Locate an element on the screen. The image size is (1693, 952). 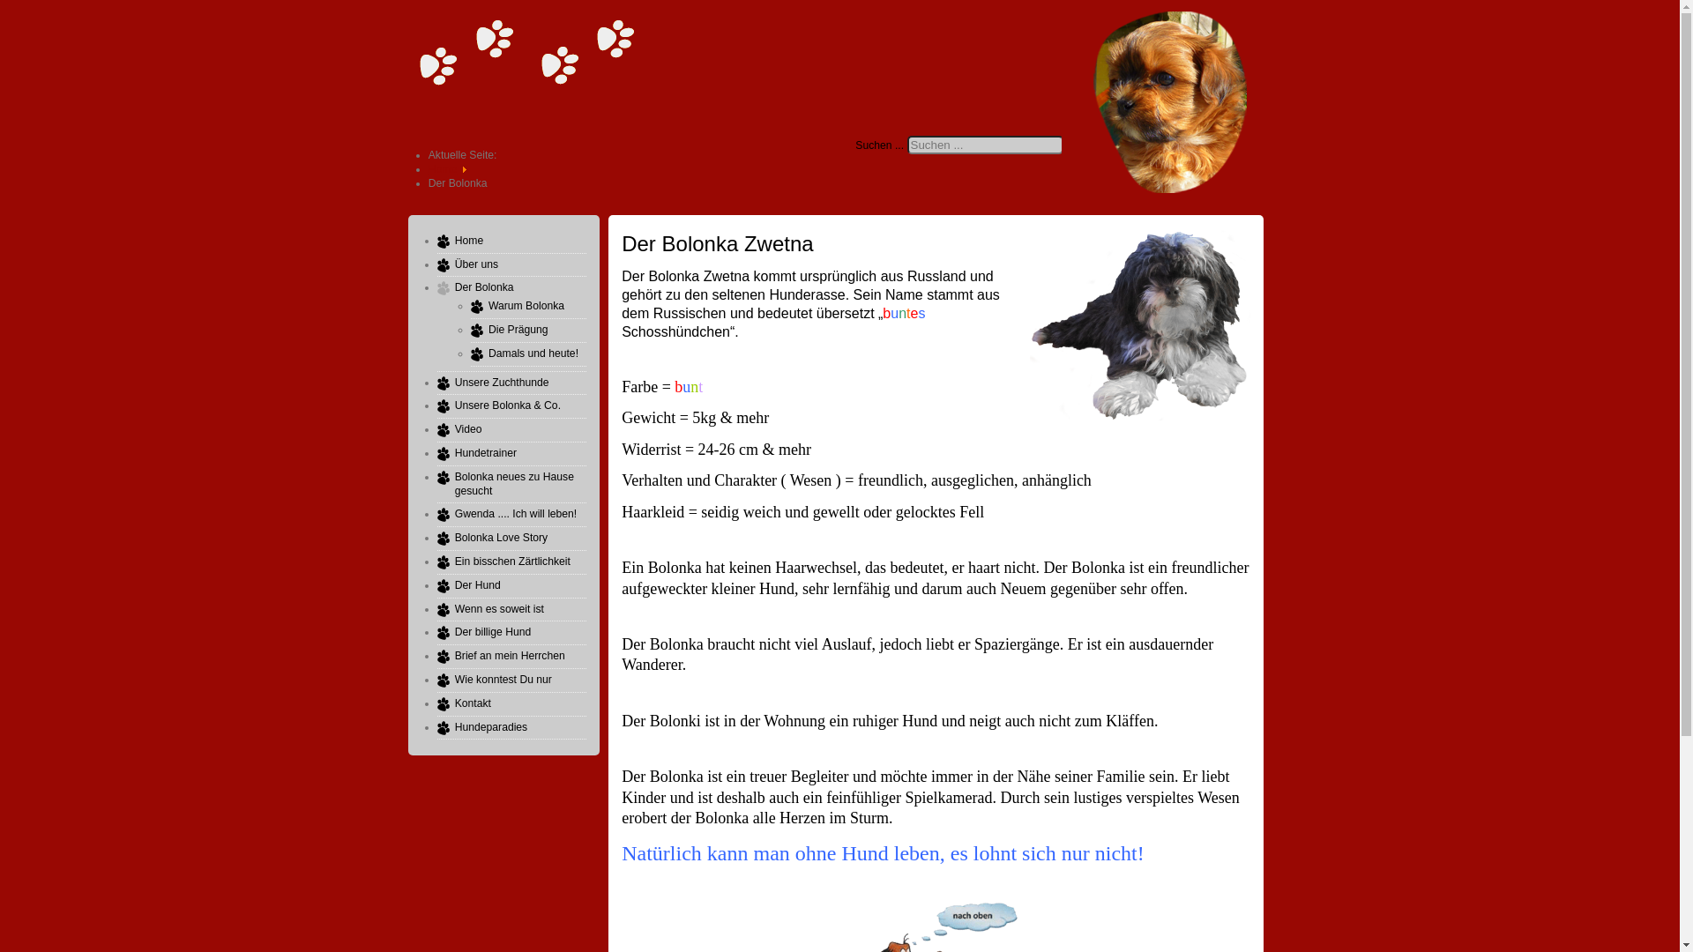
'Warum Bolonka' is located at coordinates (525, 305).